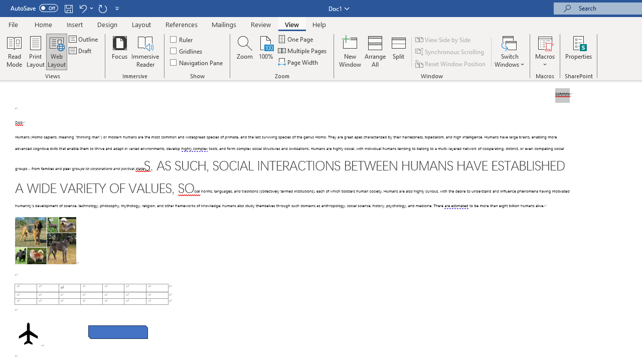  What do you see at coordinates (144, 52) in the screenshot?
I see `'Immersive Reader'` at bounding box center [144, 52].